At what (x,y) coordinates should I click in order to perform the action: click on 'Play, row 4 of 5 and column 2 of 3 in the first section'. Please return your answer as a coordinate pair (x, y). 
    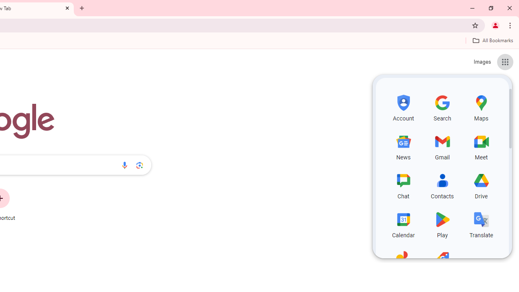
    Looking at the image, I should click on (442, 223).